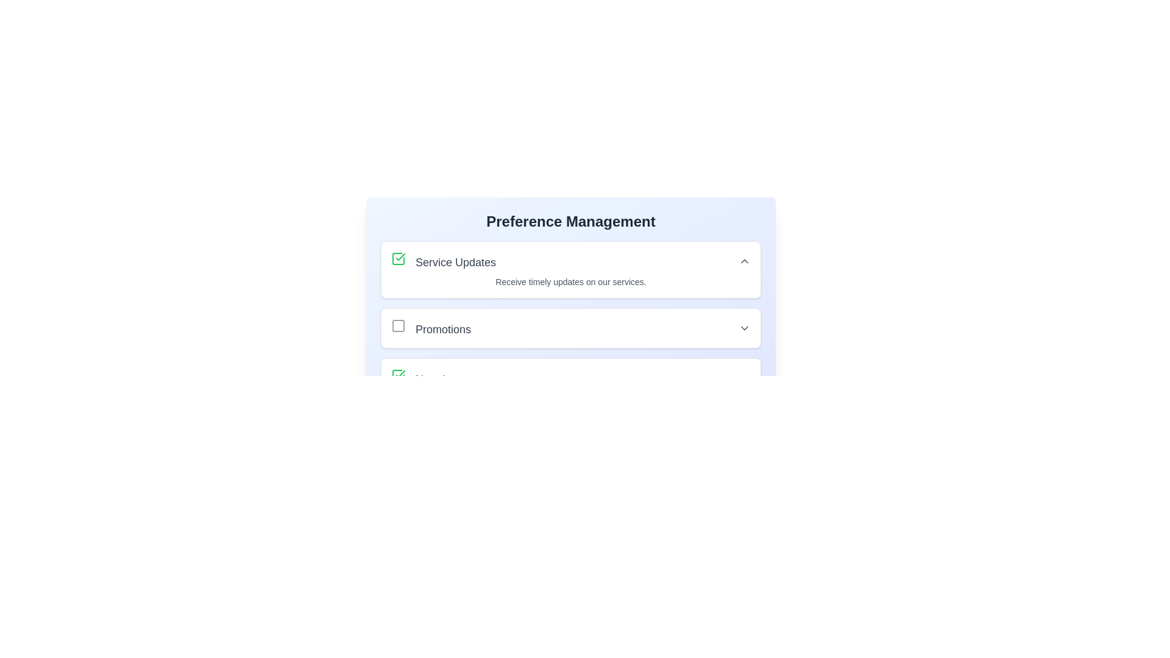 The height and width of the screenshot is (658, 1170). I want to click on the checkbox for 'Promotions', so click(398, 325).